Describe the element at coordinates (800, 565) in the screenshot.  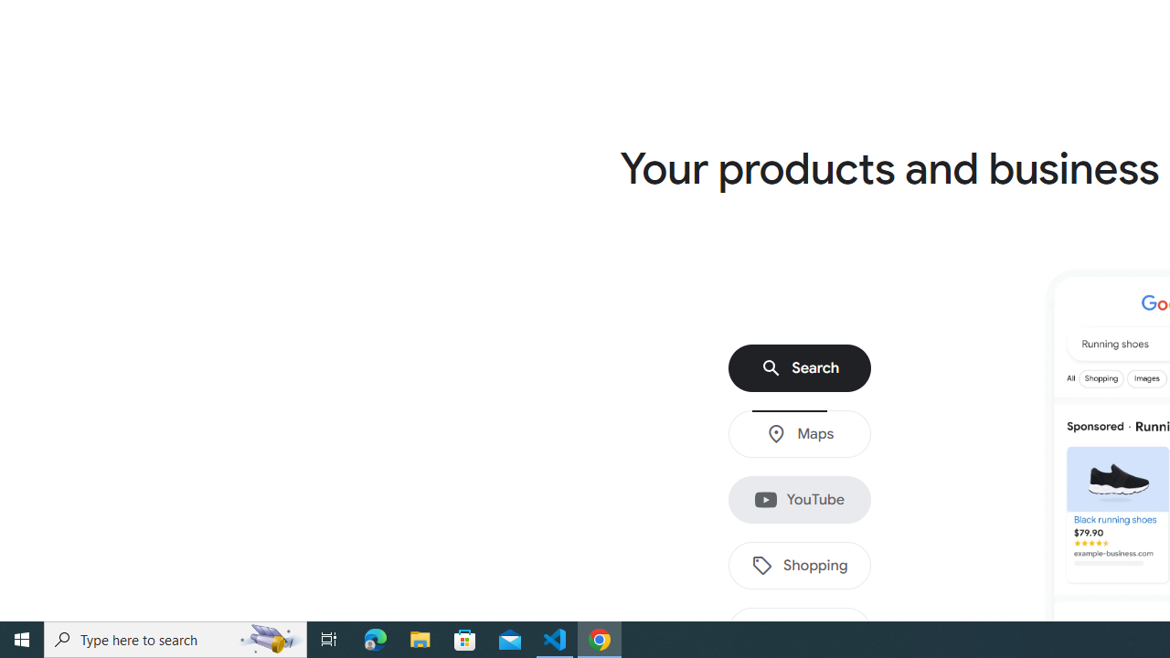
I see `'Shopping'` at that location.